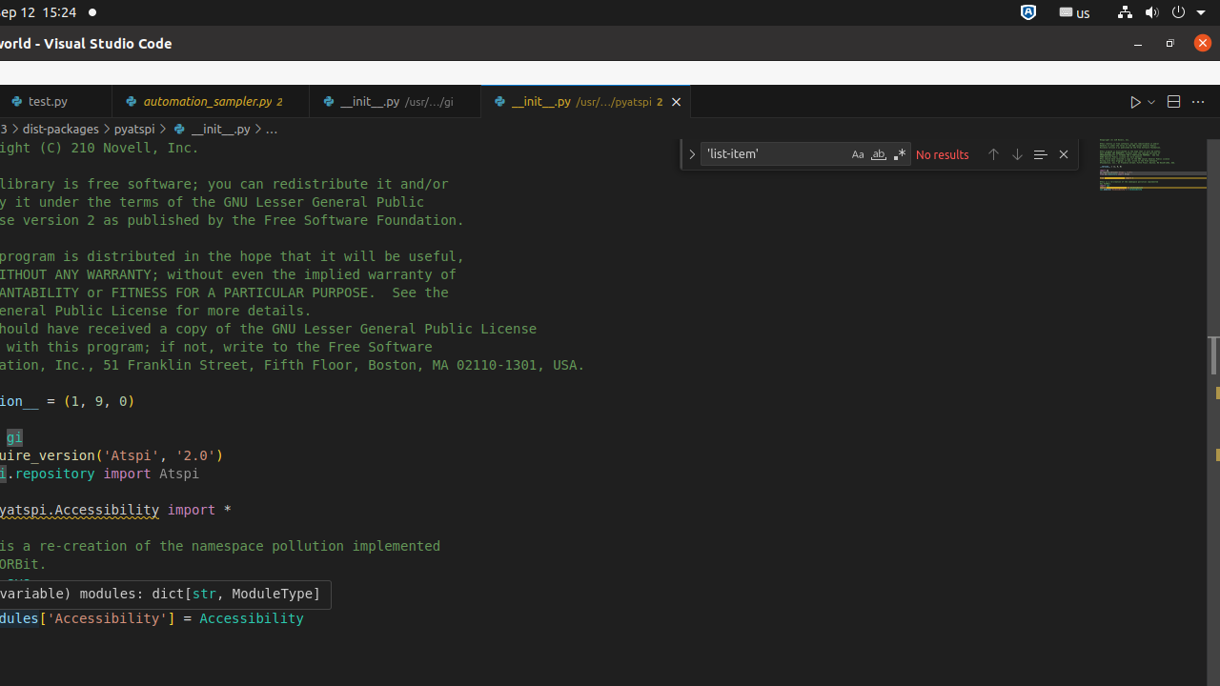  I want to click on 'Run or Debug...', so click(1149, 101).